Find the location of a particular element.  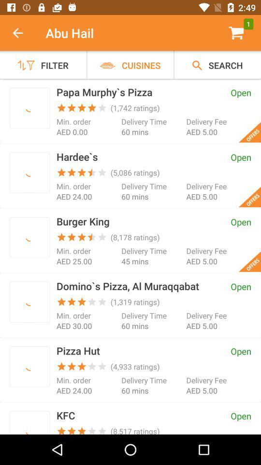

go back is located at coordinates (23, 33).